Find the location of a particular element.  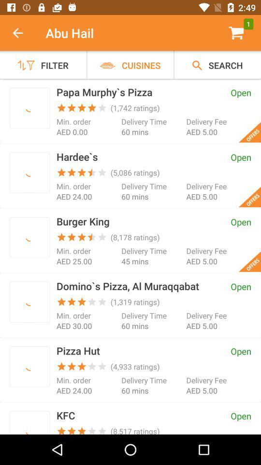

go back is located at coordinates (23, 33).